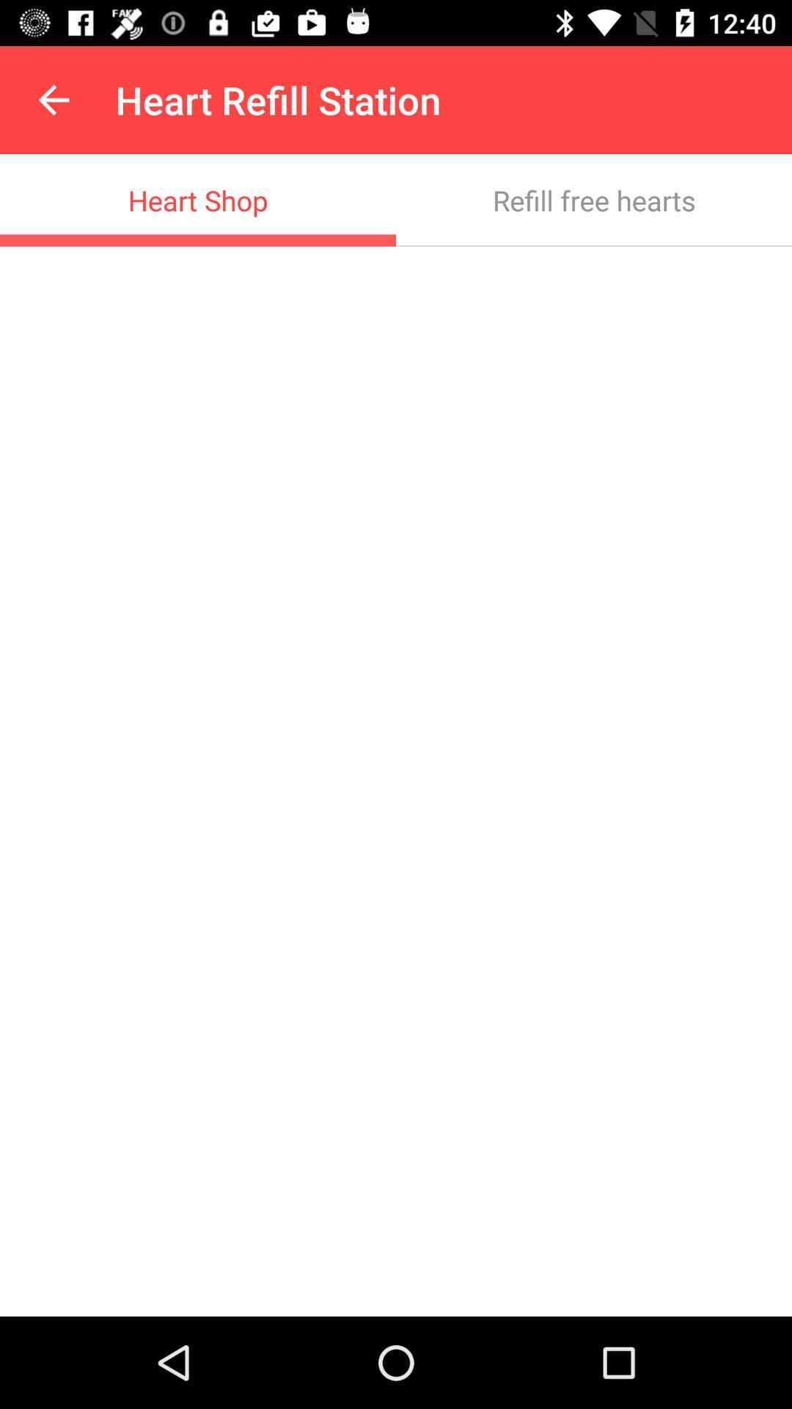 The height and width of the screenshot is (1409, 792). What do you see at coordinates (594, 200) in the screenshot?
I see `the refill free hearts item` at bounding box center [594, 200].